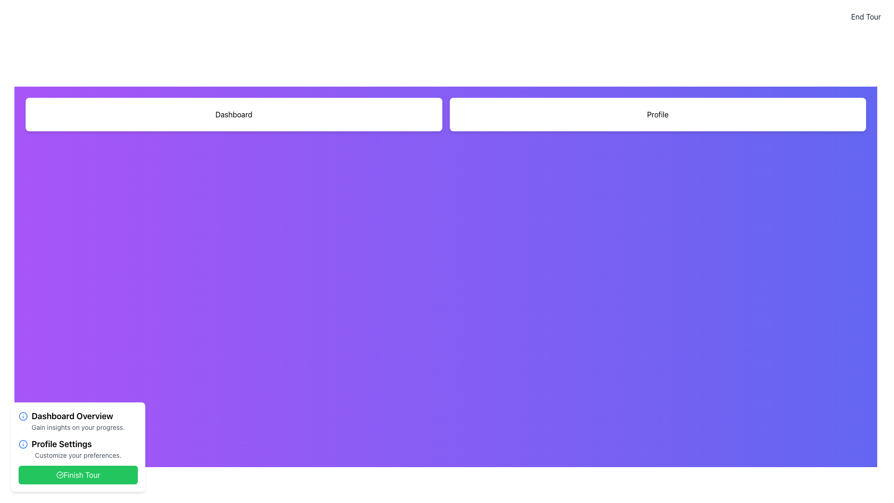 The height and width of the screenshot is (503, 894). Describe the element at coordinates (23, 443) in the screenshot. I see `the informational SVG-based icon for 'Profile Settings', which is located to the left of the associated label` at that location.